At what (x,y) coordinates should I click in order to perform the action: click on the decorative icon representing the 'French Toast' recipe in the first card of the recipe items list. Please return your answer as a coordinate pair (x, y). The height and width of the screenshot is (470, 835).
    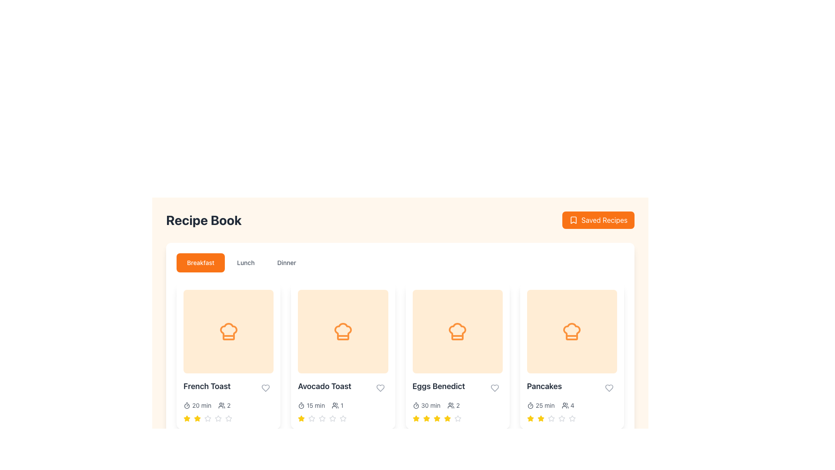
    Looking at the image, I should click on (228, 332).